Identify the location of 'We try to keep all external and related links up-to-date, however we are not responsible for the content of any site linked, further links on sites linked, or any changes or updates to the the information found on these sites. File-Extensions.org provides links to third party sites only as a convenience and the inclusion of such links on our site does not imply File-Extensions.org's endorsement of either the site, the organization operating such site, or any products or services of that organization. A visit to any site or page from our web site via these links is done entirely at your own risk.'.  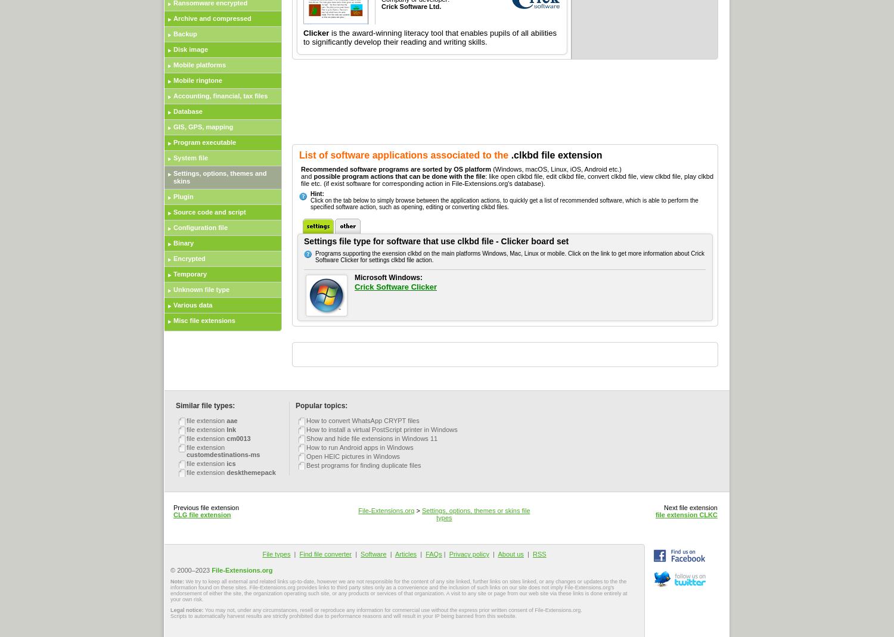
(170, 590).